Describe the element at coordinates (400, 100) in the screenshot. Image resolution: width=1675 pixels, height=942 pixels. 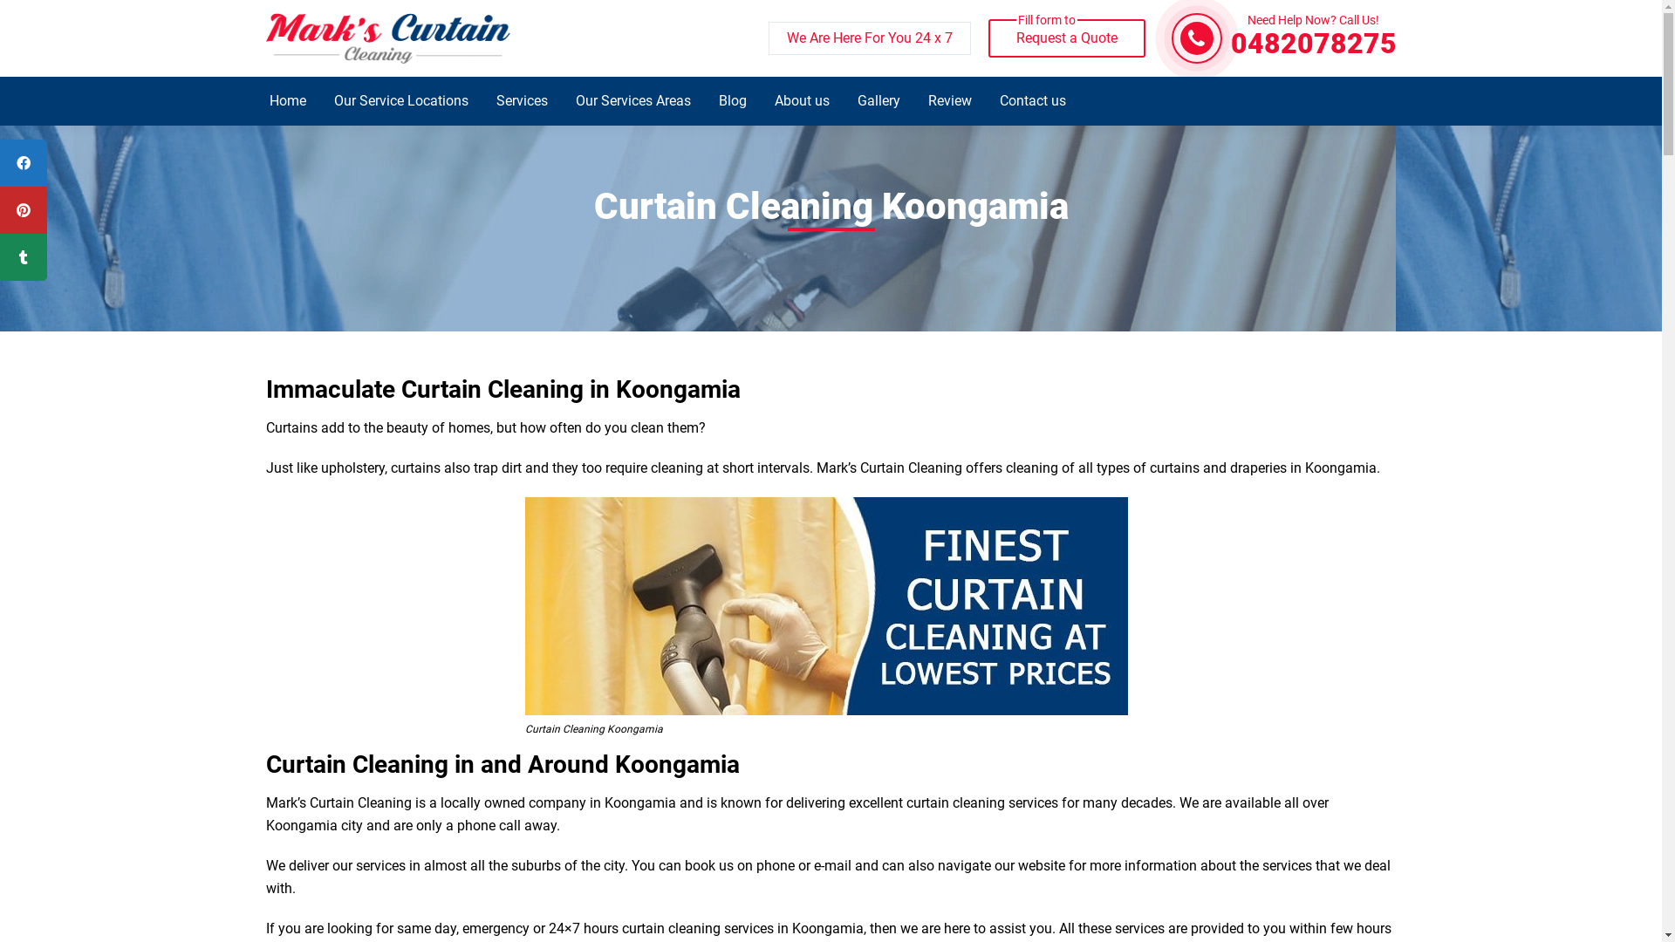
I see `'Our Service Locations'` at that location.